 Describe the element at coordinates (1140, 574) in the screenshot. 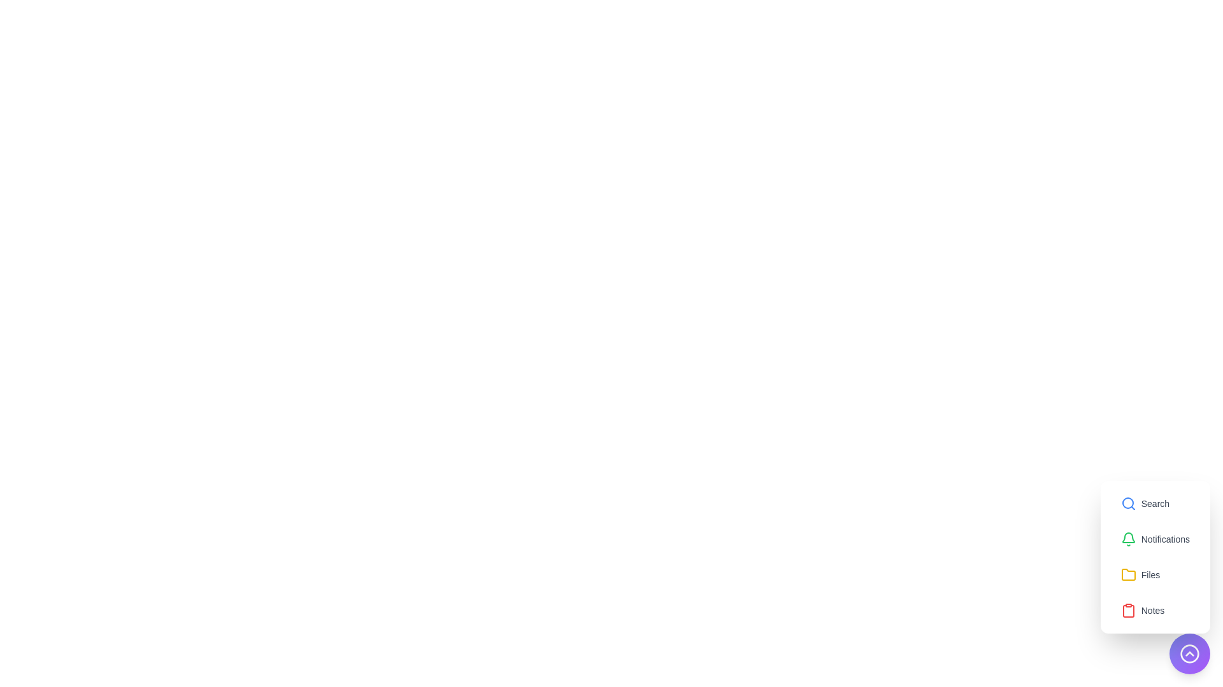

I see `the menu item labeled Files to reveal its hover effect` at that location.